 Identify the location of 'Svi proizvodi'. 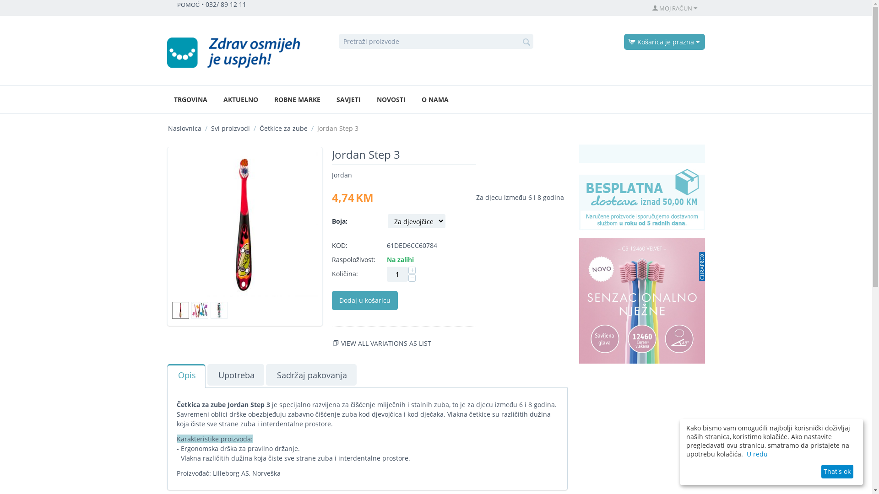
(230, 128).